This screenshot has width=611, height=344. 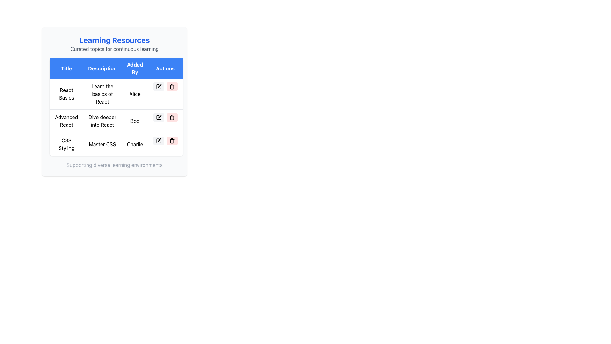 What do you see at coordinates (66, 144) in the screenshot?
I see `the static text element displaying 'CSS Styling' in the first column of the third row of the grid under the 'Title' header` at bounding box center [66, 144].